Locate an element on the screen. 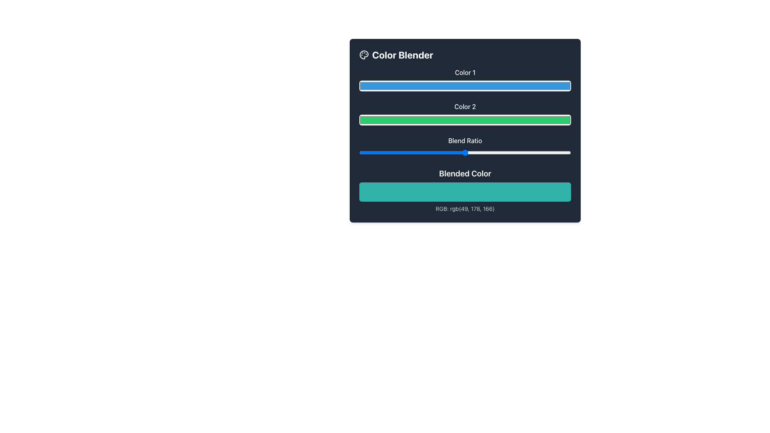  the color picker input located below the 'Color 1' label is located at coordinates (465, 80).